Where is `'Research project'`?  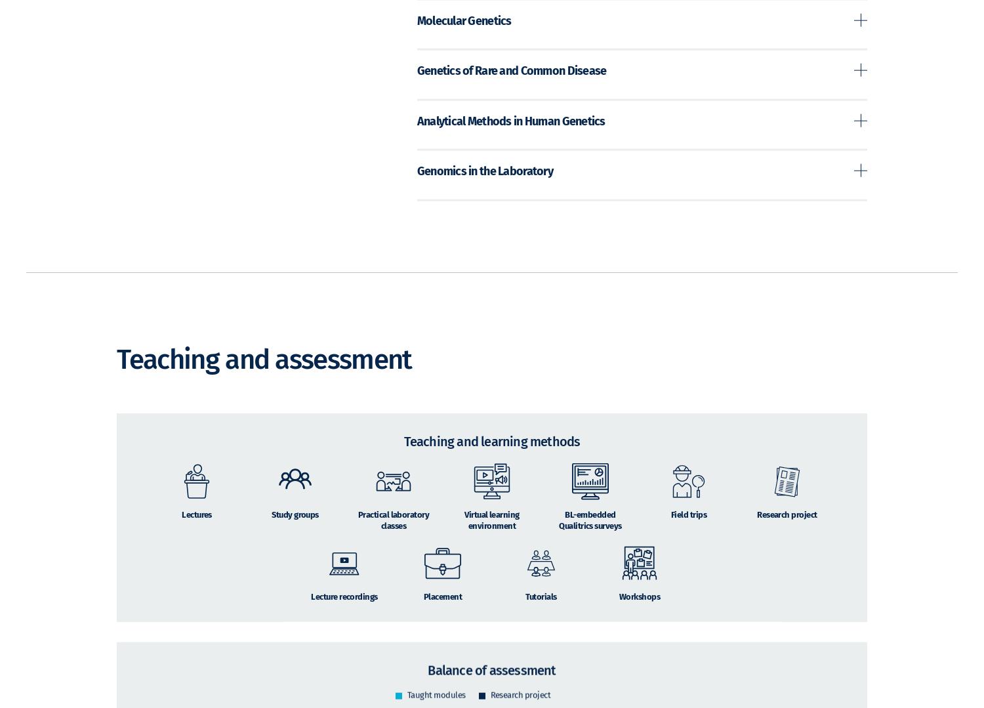
'Research project' is located at coordinates (756, 533).